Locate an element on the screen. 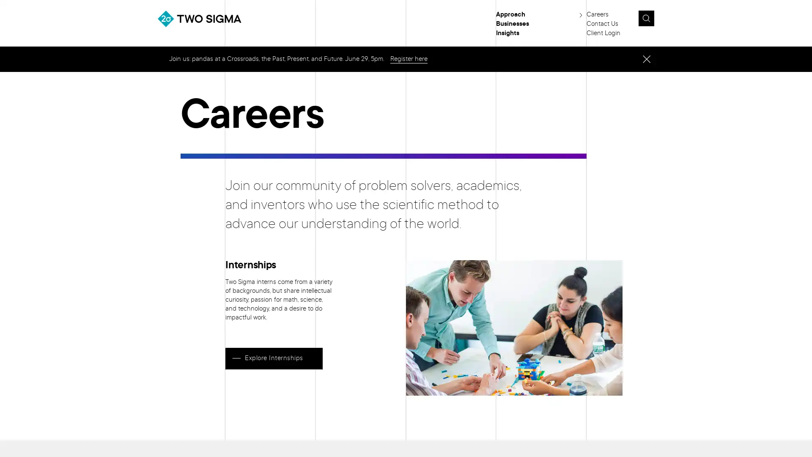 This screenshot has width=812, height=457. Search is located at coordinates (665, 21).